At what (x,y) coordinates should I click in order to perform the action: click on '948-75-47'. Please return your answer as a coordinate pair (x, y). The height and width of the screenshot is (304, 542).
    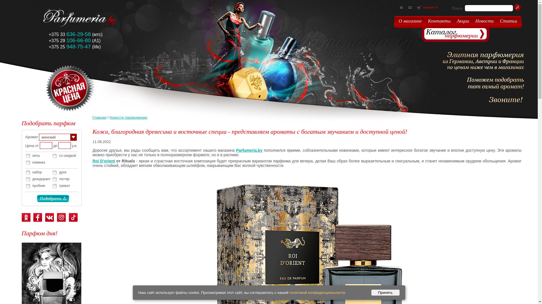
    Looking at the image, I should click on (78, 46).